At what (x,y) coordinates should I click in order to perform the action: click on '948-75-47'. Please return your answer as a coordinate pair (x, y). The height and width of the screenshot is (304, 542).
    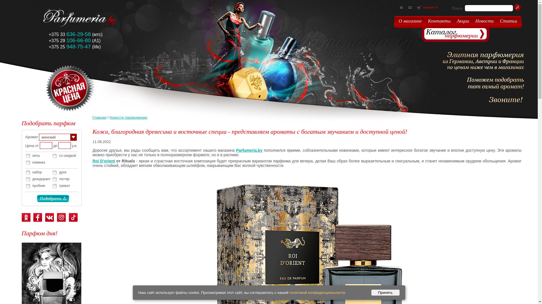
    Looking at the image, I should click on (78, 46).